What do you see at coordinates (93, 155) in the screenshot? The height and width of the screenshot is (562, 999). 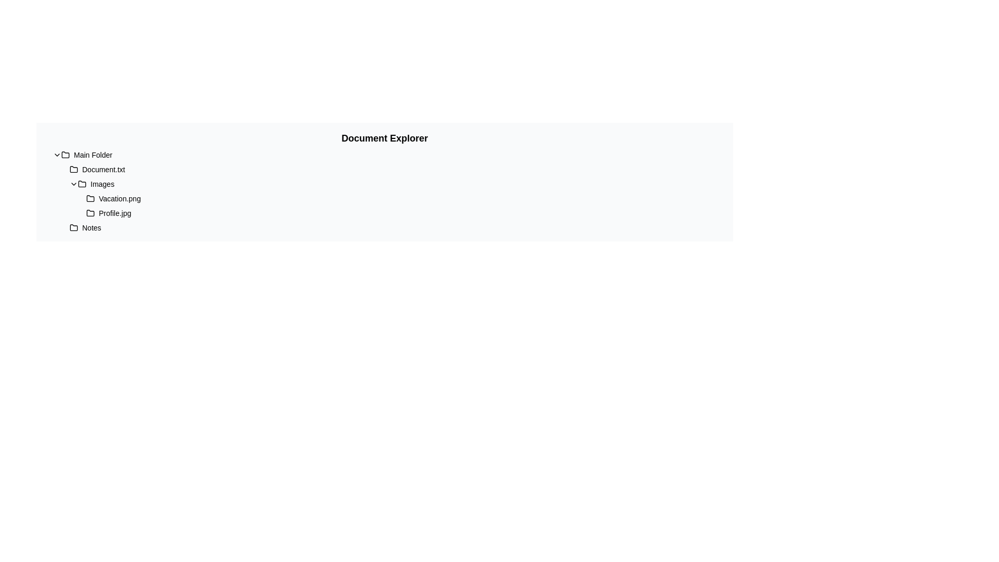 I see `the text label displaying 'Main Folder' in the left panel of the file explorer interface` at bounding box center [93, 155].